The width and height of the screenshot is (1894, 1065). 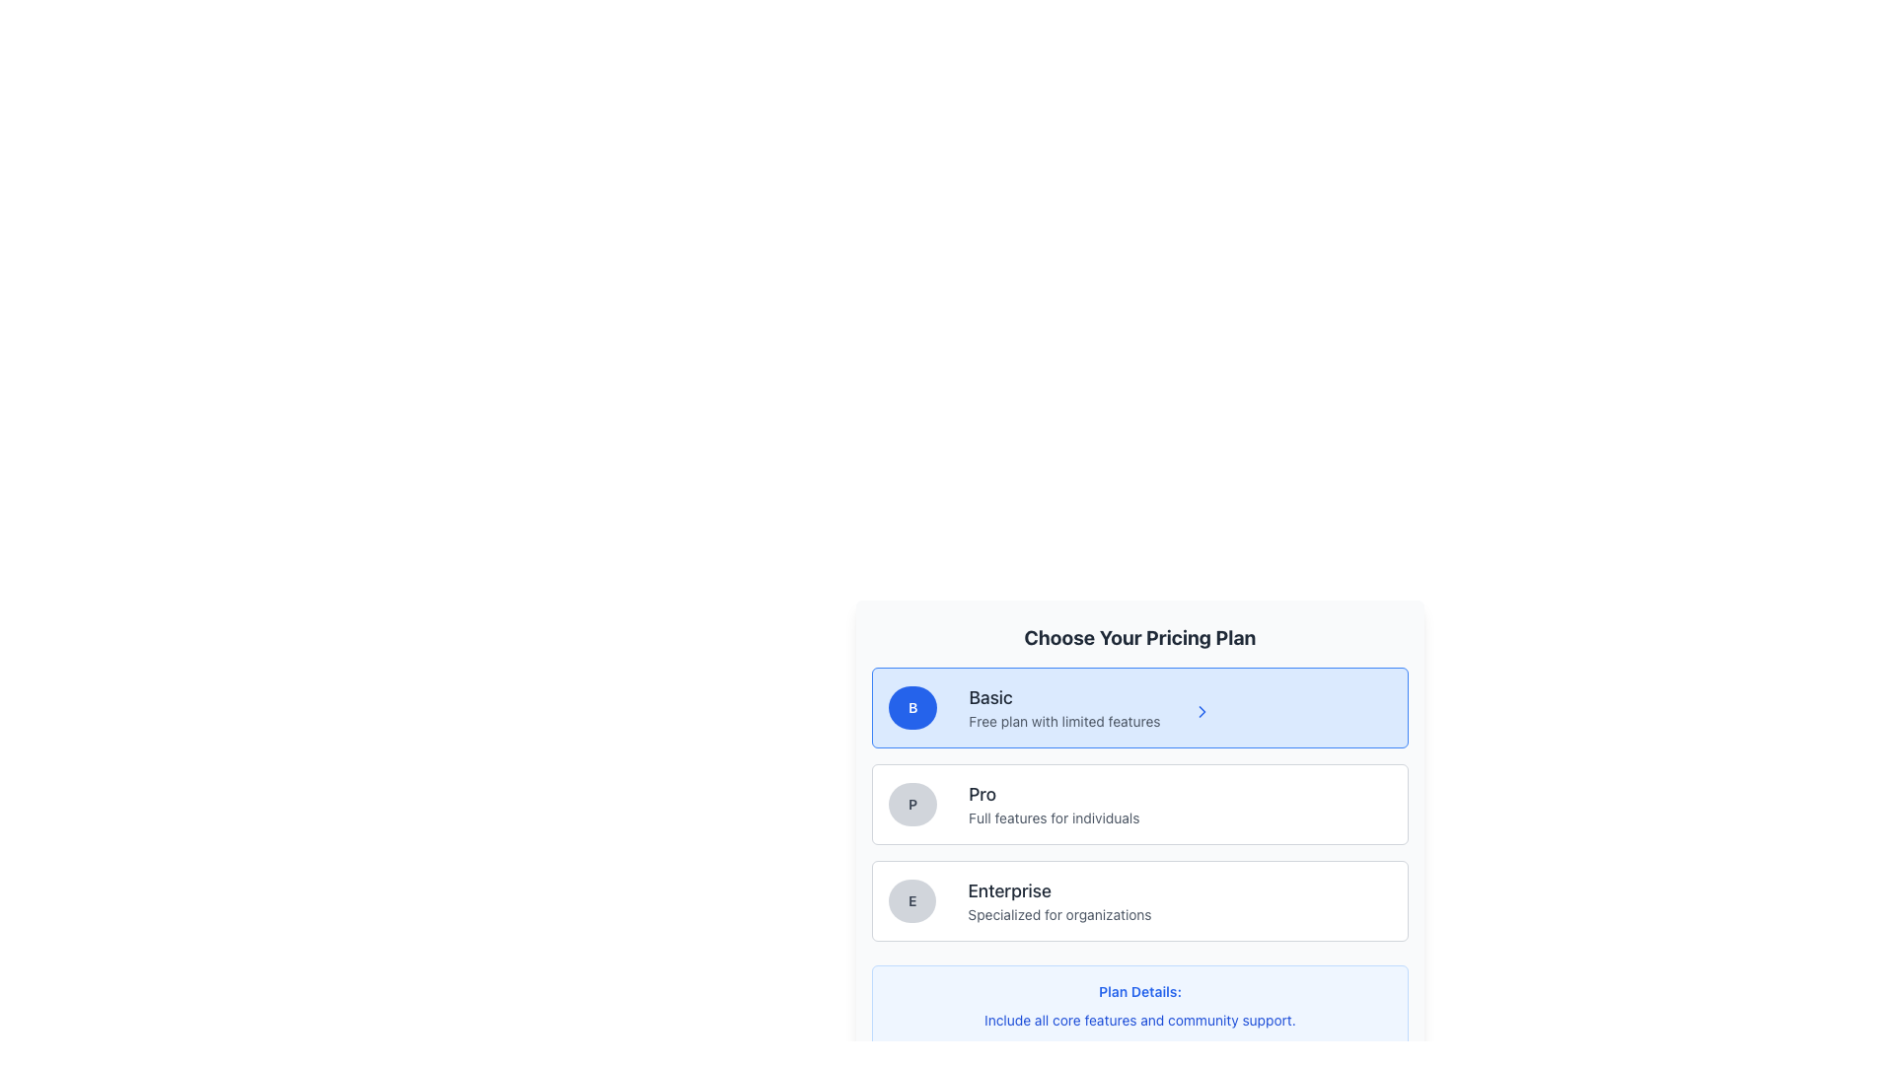 I want to click on the 'Enterprise' pricing plan label in the Descriptive Text Section, so click(x=1058, y=901).